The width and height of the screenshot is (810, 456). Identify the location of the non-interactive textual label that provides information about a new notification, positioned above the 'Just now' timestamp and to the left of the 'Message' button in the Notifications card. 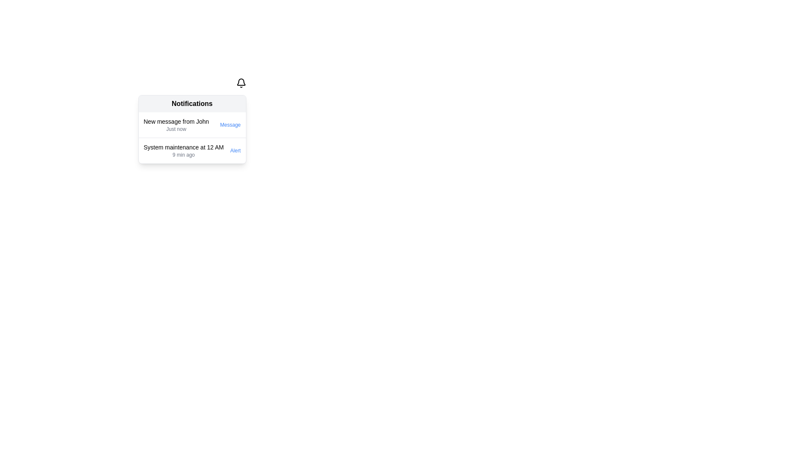
(175, 122).